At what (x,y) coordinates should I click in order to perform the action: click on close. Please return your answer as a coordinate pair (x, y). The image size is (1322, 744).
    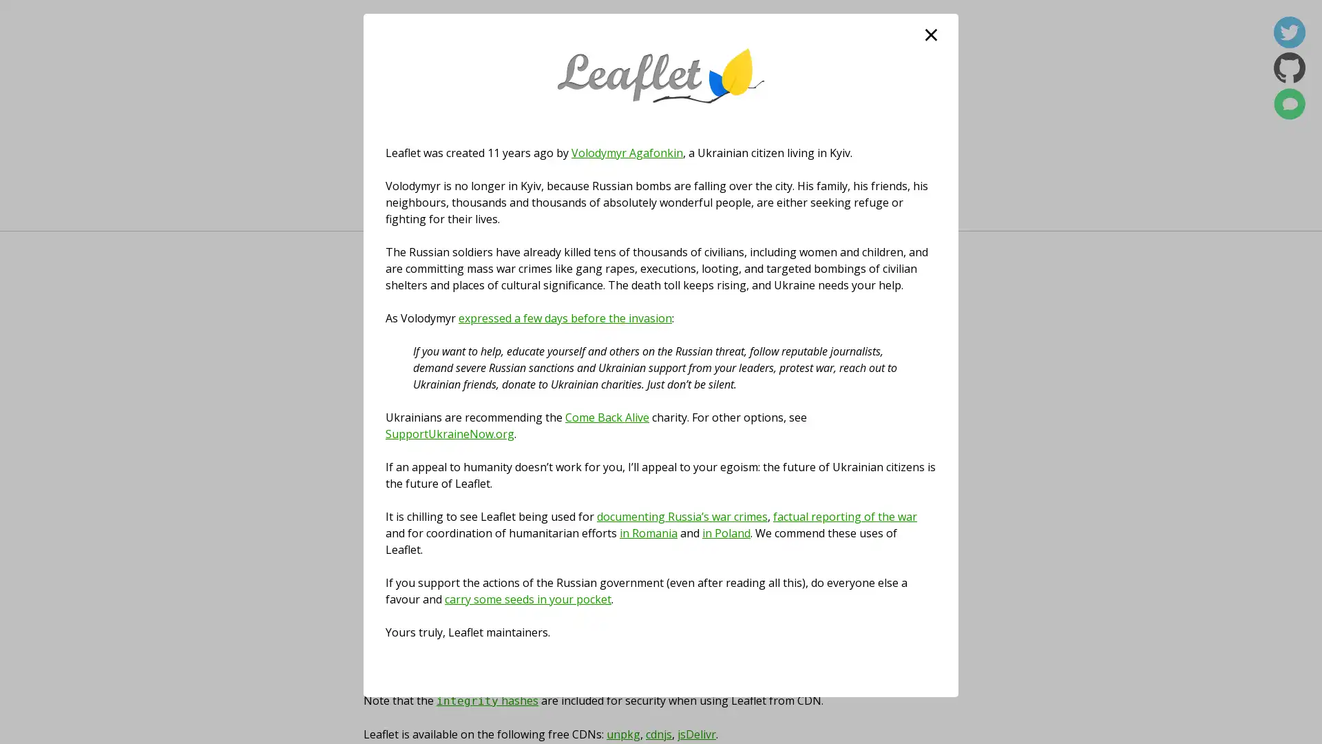
    Looking at the image, I should click on (931, 34).